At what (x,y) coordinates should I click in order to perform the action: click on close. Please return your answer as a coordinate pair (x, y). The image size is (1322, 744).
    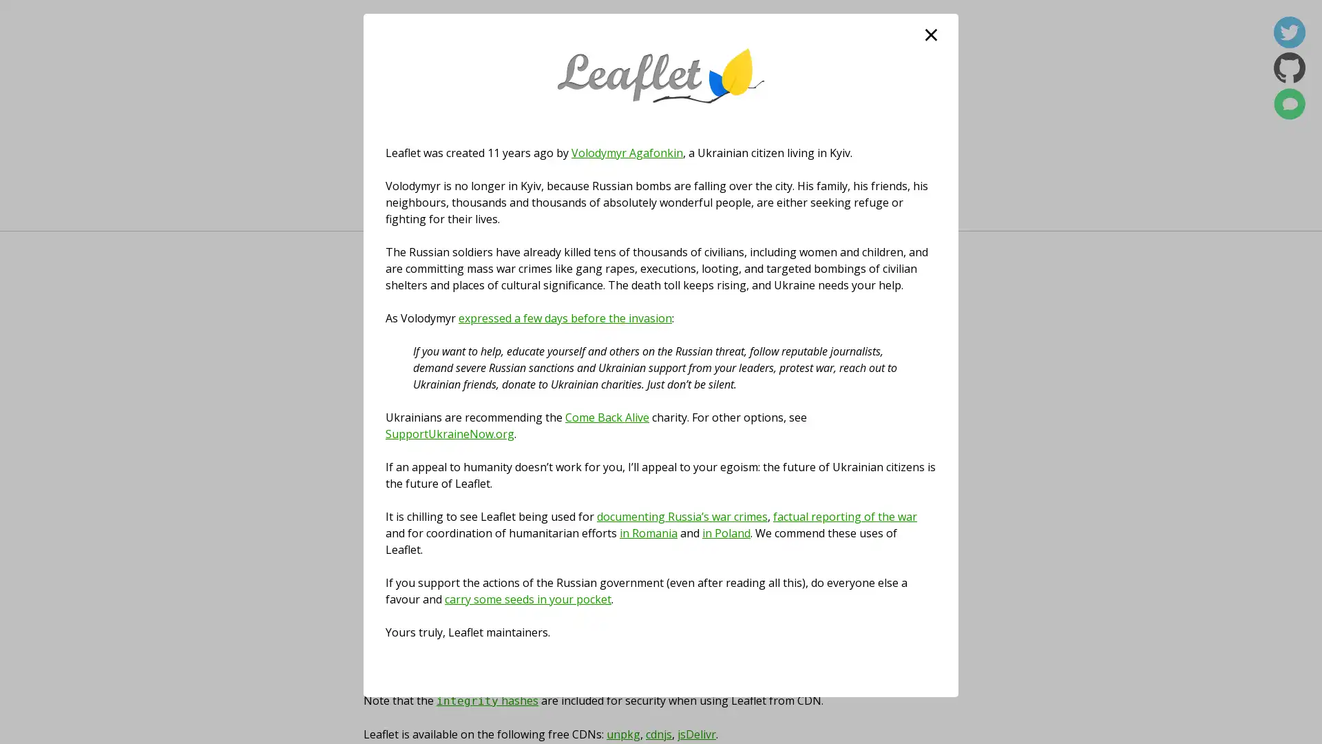
    Looking at the image, I should click on (931, 34).